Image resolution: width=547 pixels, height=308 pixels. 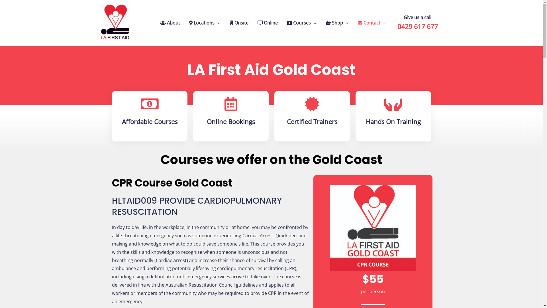 What do you see at coordinates (372, 23) in the screenshot?
I see `'Contact'` at bounding box center [372, 23].